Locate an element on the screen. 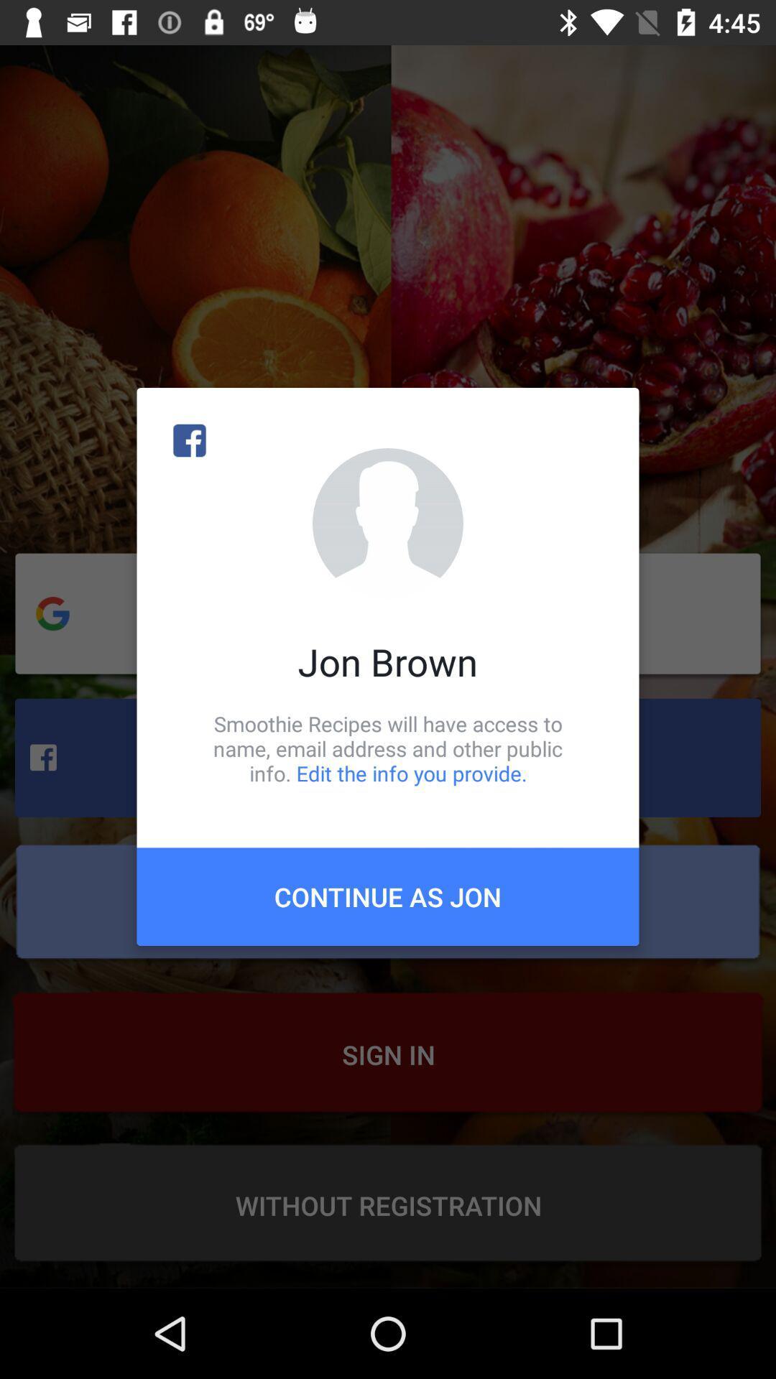  the item below smoothie recipes will icon is located at coordinates (388, 896).